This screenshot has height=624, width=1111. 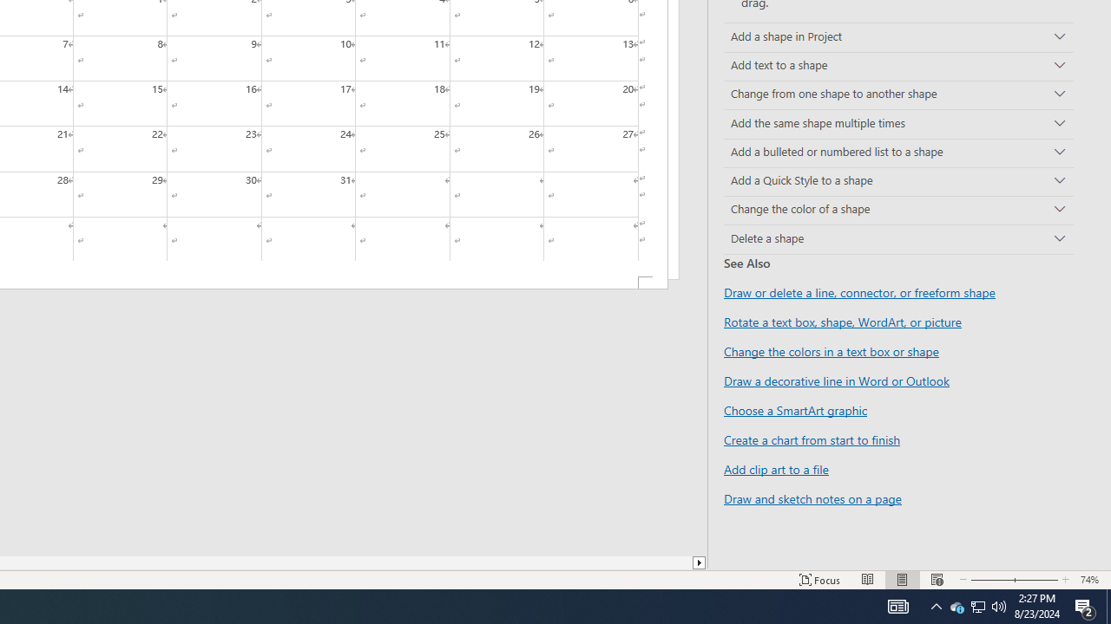 What do you see at coordinates (812, 498) in the screenshot?
I see `'Draw and sketch notes on a page'` at bounding box center [812, 498].